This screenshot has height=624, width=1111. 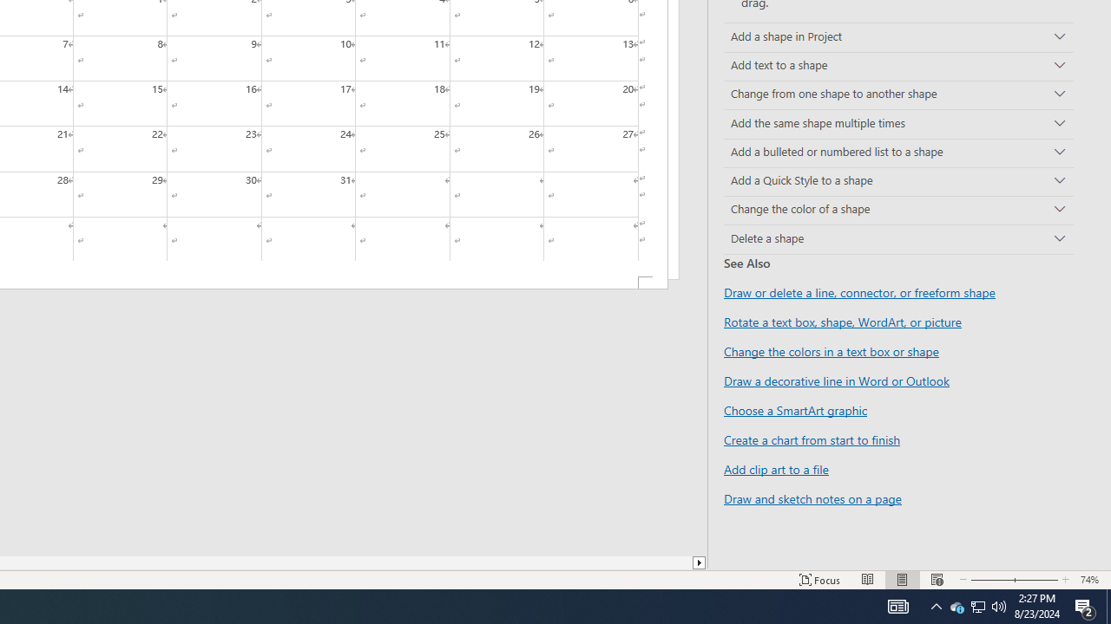 What do you see at coordinates (812, 498) in the screenshot?
I see `'Draw and sketch notes on a page'` at bounding box center [812, 498].